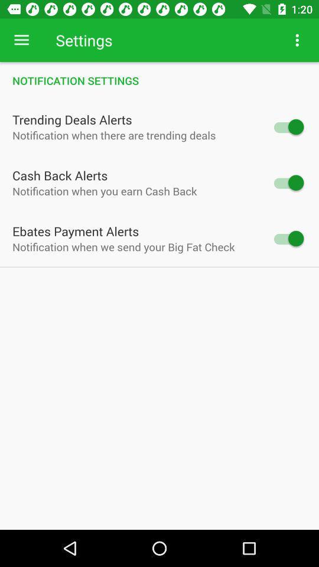  I want to click on the app next to settings app, so click(297, 40).